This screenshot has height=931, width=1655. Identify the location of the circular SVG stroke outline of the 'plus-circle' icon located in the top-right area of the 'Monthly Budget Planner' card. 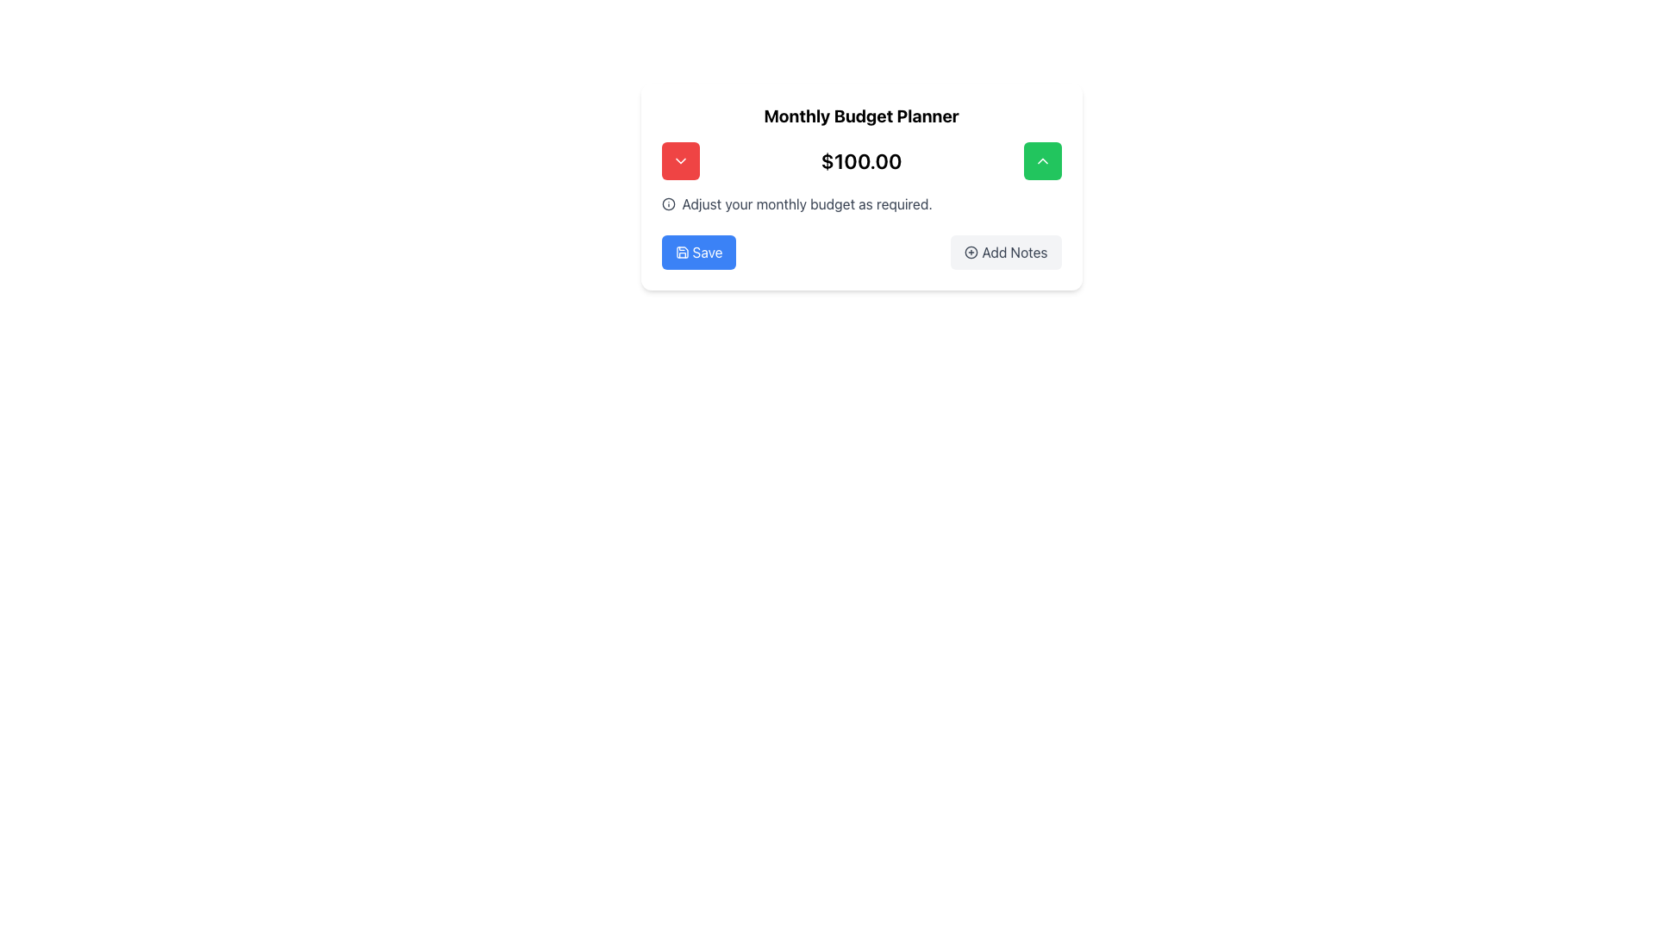
(971, 253).